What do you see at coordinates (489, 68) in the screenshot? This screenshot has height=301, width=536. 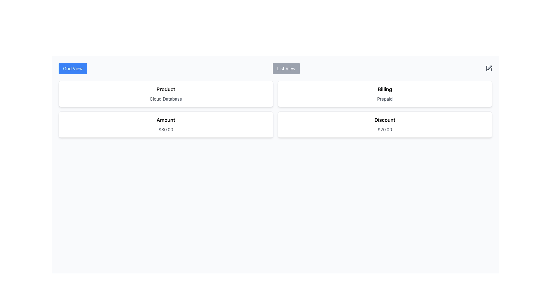 I see `the interactive icon with a pen symbol located in the top-right corner of the header section, adjacent to the 'Grid View' and 'List View' toggle buttons` at bounding box center [489, 68].